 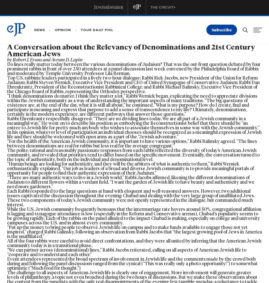 I want to click on 'Rabbi Ehrenkrantz respectfully disagreed: “There are no dividing lines today. We are all part of a Jewish community in a meaningful way.” He went on to describe his position as embodying the Reconstructionist belief that there should be “an entree to Jewish life for pretty much anybody who wishes to associate themselves in some way with the Jewish community.”', so click(x=133, y=123).